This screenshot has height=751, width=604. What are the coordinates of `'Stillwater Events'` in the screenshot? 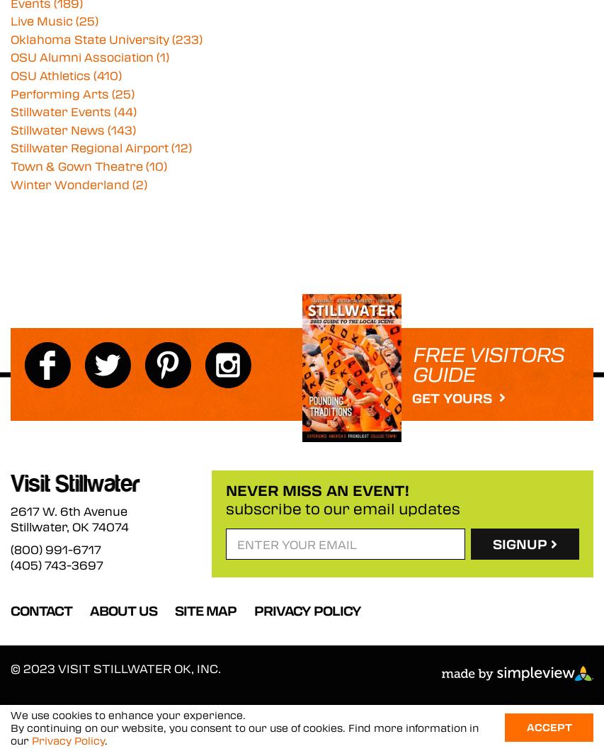 It's located at (62, 111).